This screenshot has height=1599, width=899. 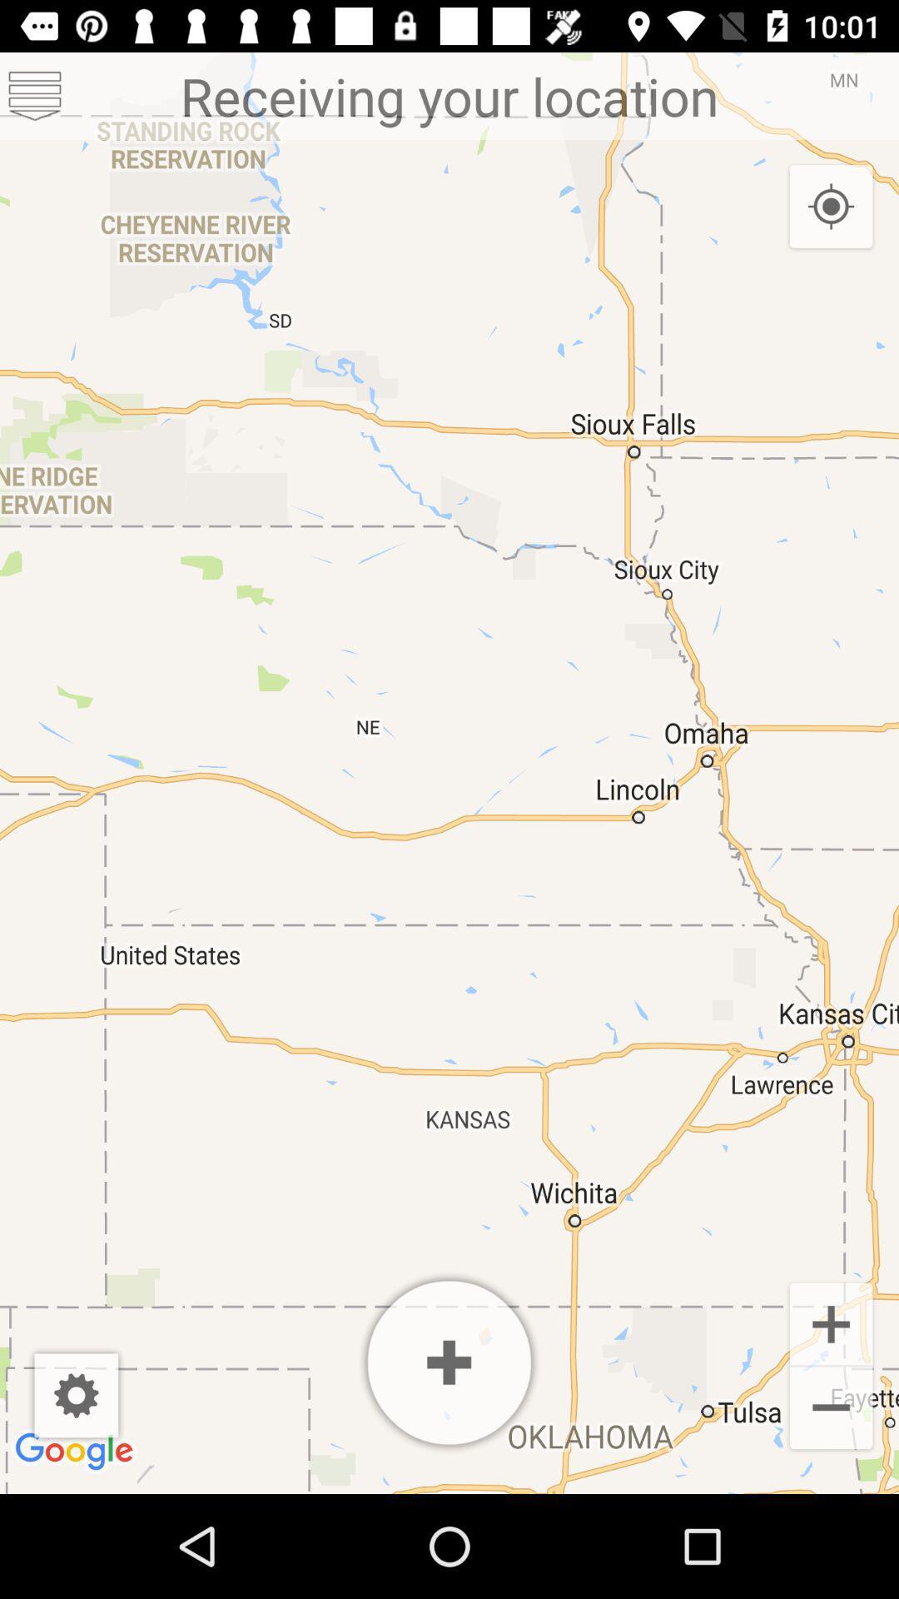 I want to click on open menu, so click(x=35, y=95).